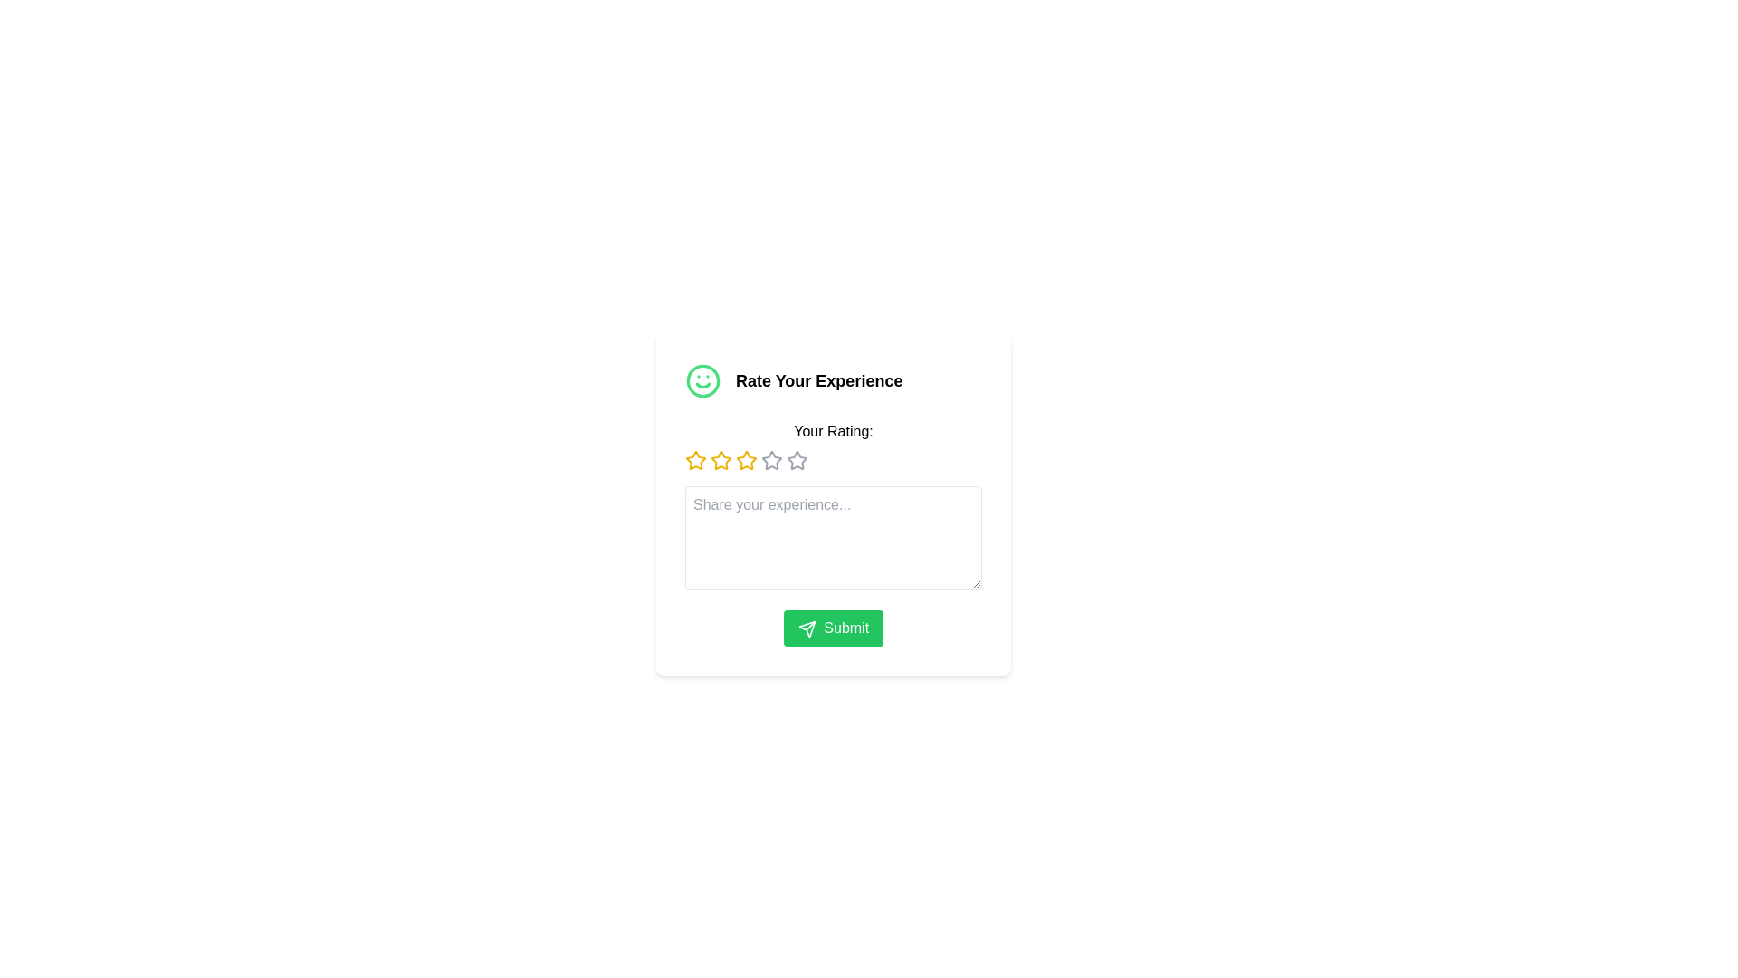  Describe the element at coordinates (772, 459) in the screenshot. I see `the fourth hollow star icon` at that location.